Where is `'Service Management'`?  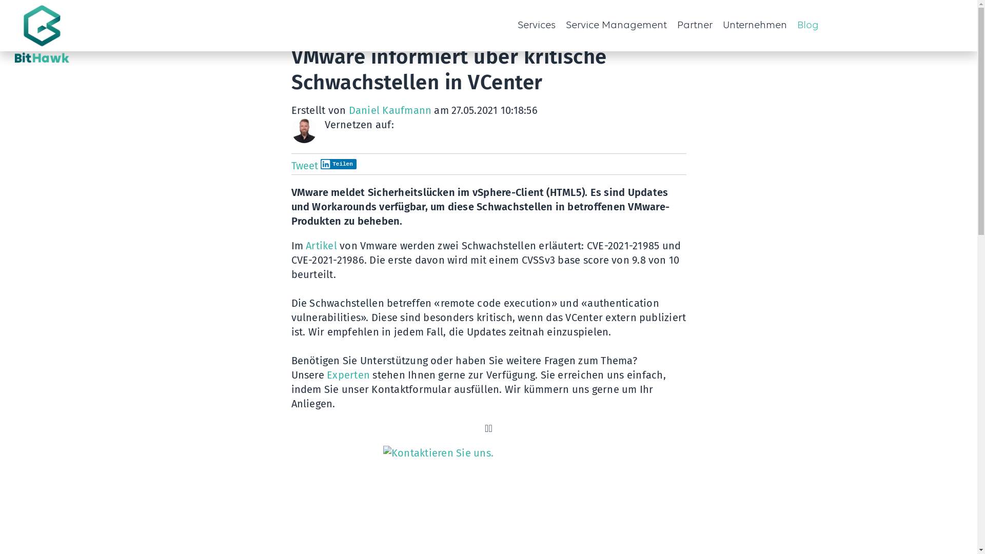 'Service Management' is located at coordinates (559, 25).